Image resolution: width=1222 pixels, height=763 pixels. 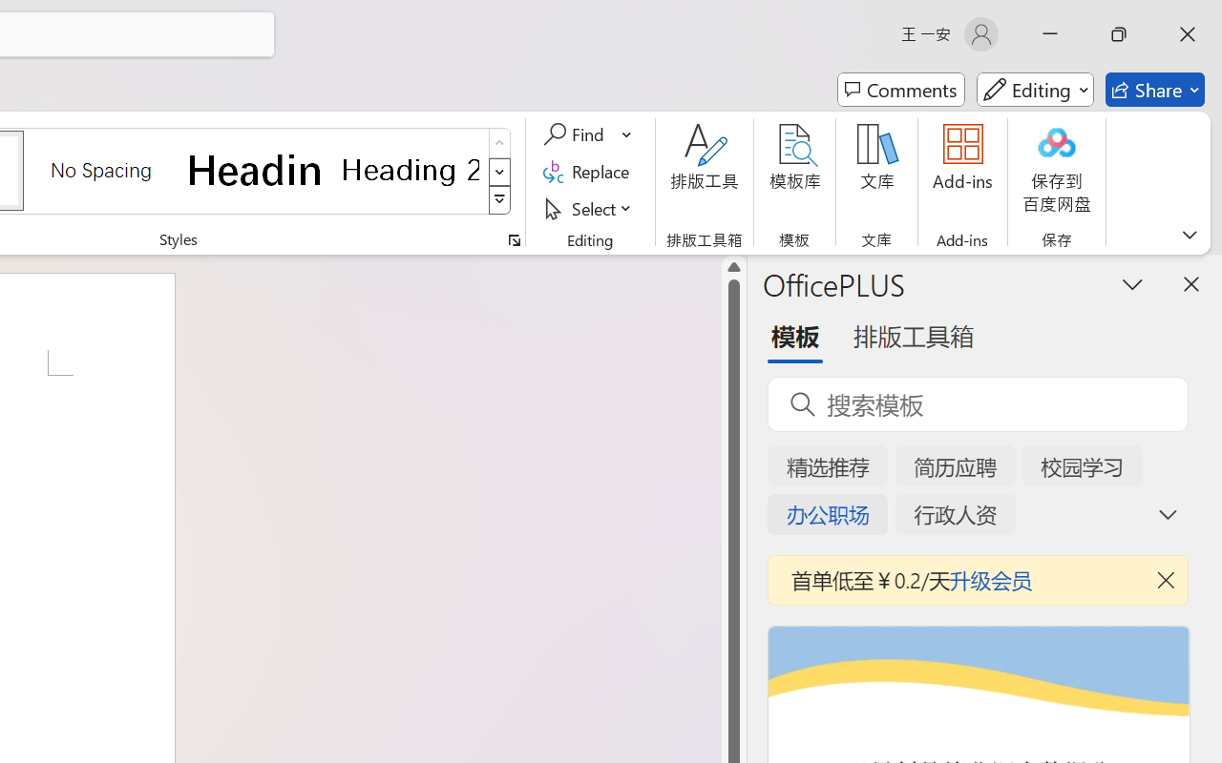 What do you see at coordinates (733, 267) in the screenshot?
I see `'Line up'` at bounding box center [733, 267].